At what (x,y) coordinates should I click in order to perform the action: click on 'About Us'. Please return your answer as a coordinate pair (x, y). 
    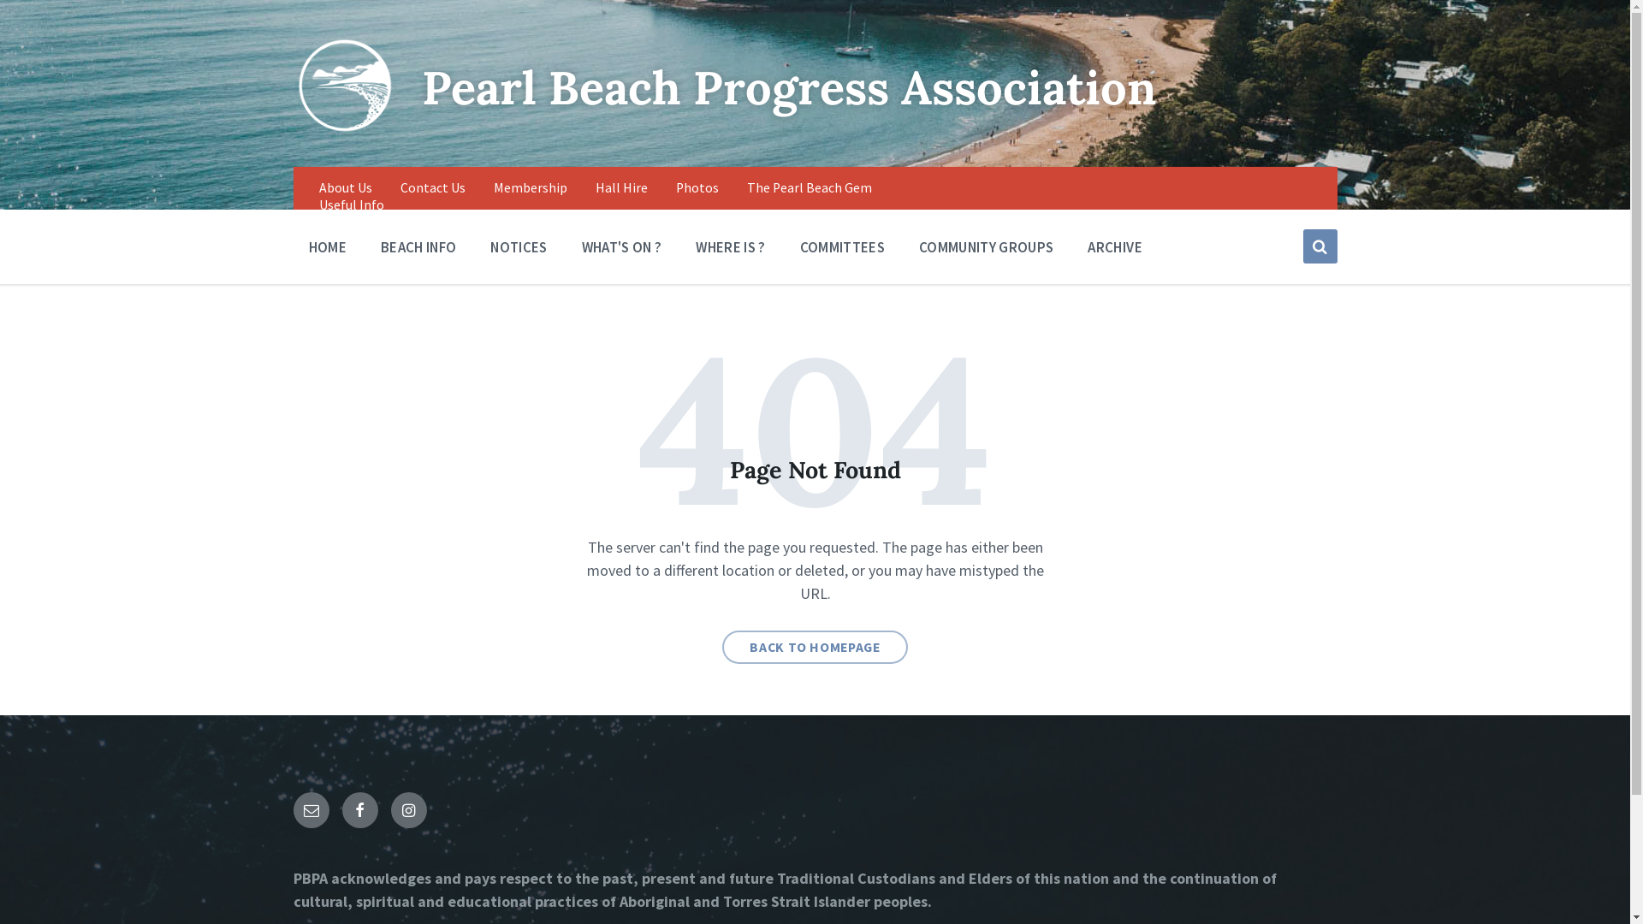
    Looking at the image, I should click on (344, 187).